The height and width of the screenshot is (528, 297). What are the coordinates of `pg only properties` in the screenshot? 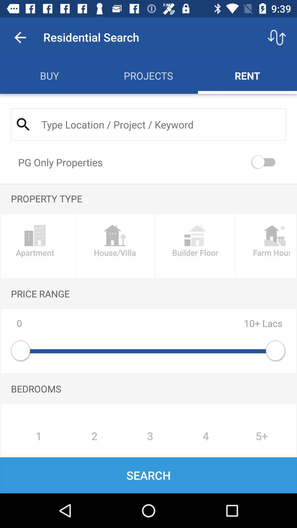 It's located at (265, 162).